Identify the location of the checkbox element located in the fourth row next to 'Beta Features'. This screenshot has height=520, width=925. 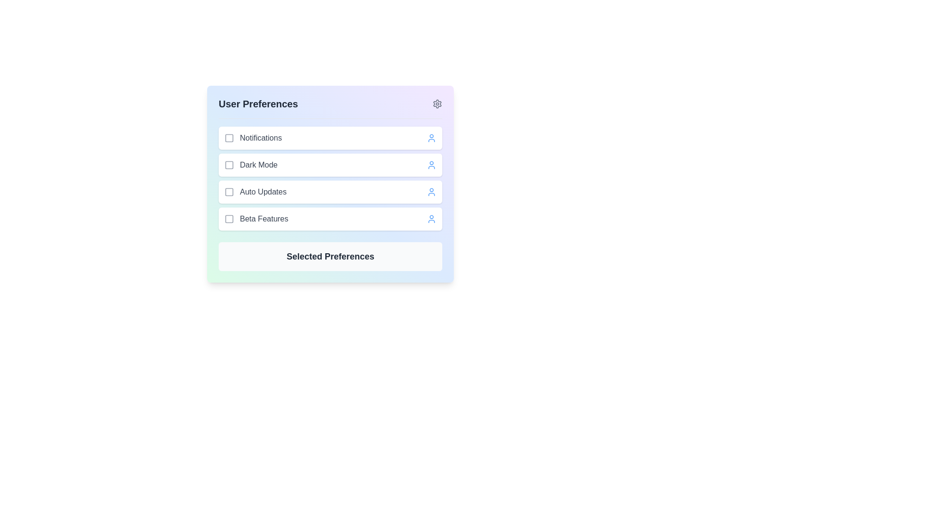
(228, 219).